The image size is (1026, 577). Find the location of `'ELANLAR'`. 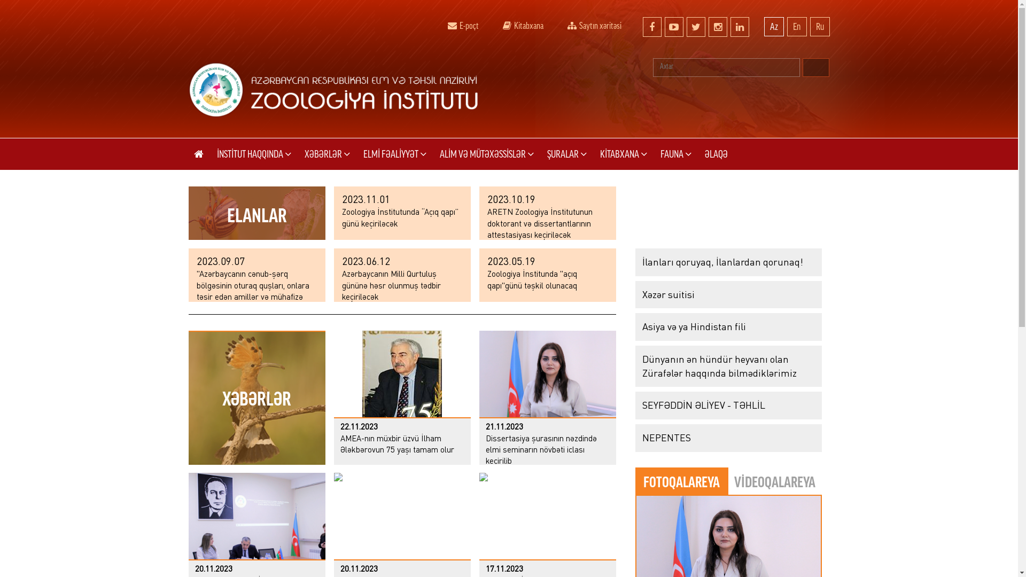

'ELANLAR' is located at coordinates (188, 213).